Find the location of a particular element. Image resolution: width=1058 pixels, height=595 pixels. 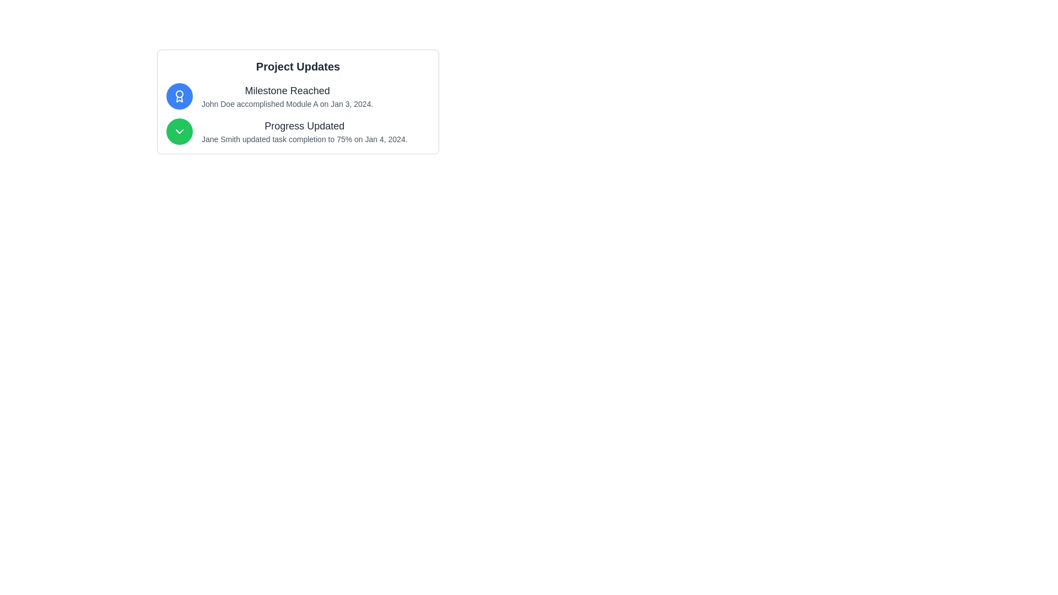

the achievement icon located at the top left corner of the card under 'Project Updates', aligned with the title 'Milestone Reached' is located at coordinates (180, 95).